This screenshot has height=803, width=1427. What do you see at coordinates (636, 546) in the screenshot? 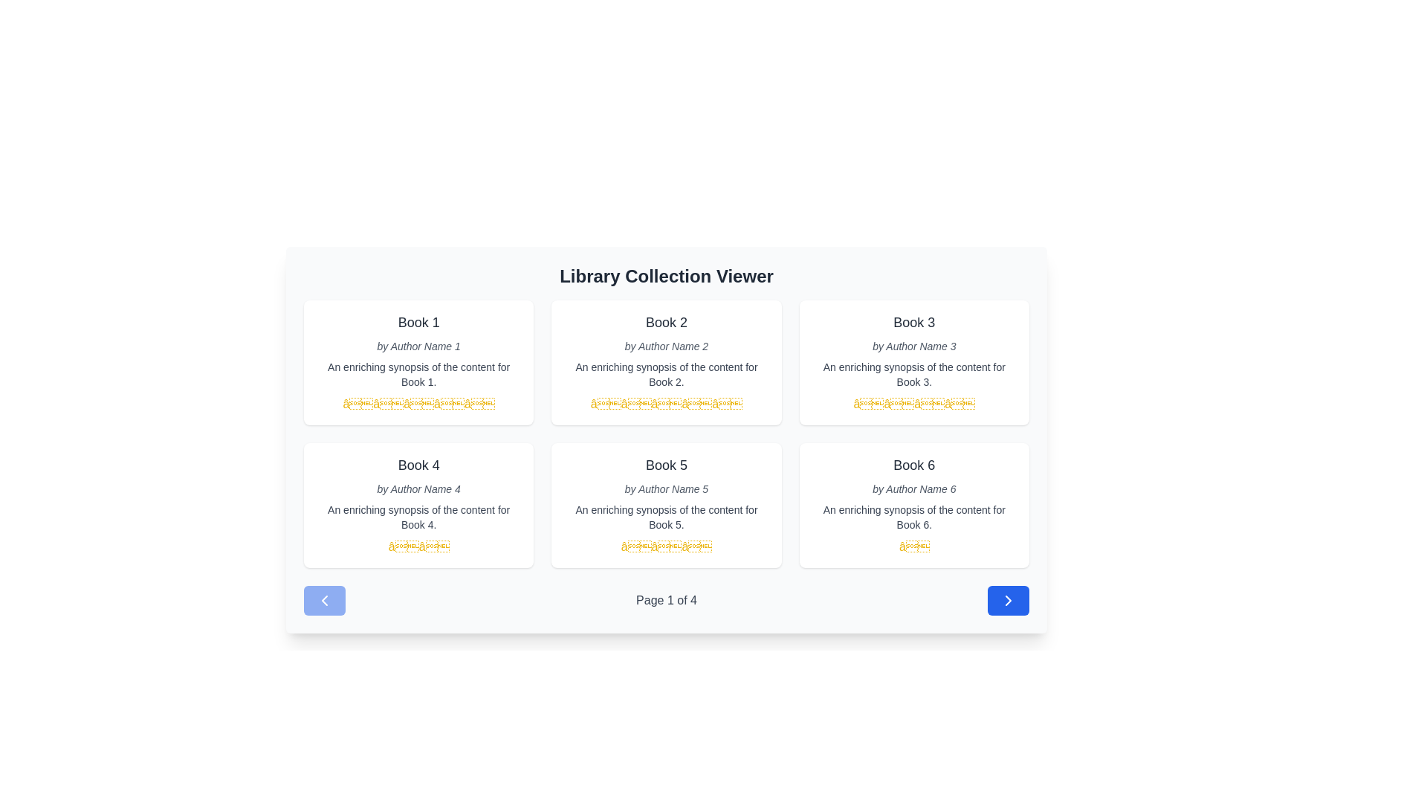
I see `the first star icon in the rating display for 'Book 5', which visually indicates the book's rating` at bounding box center [636, 546].